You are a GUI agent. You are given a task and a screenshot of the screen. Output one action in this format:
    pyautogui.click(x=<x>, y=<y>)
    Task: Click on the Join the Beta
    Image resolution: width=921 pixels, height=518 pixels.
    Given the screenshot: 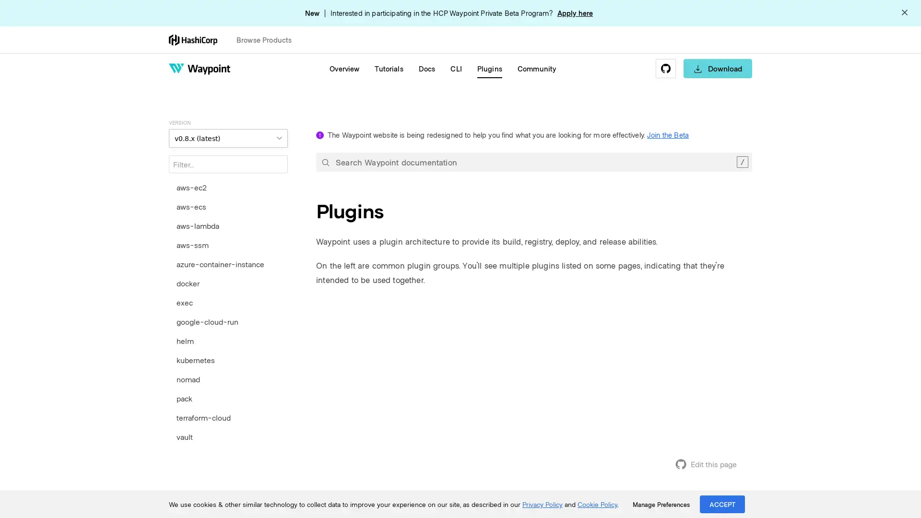 What is the action you would take?
    pyautogui.click(x=667, y=135)
    